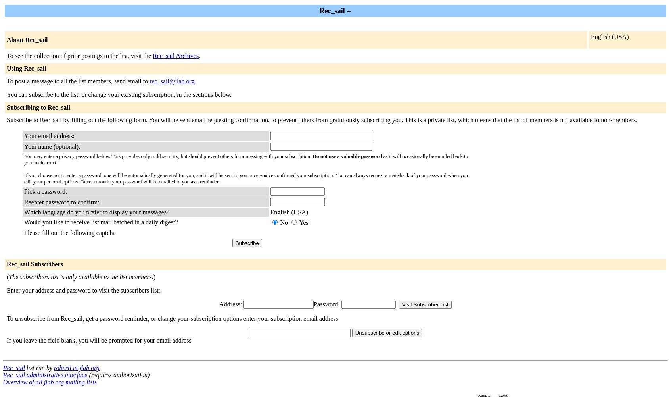 This screenshot has height=397, width=671. I want to click on 'Rec_sail
		  Archives', so click(175, 56).